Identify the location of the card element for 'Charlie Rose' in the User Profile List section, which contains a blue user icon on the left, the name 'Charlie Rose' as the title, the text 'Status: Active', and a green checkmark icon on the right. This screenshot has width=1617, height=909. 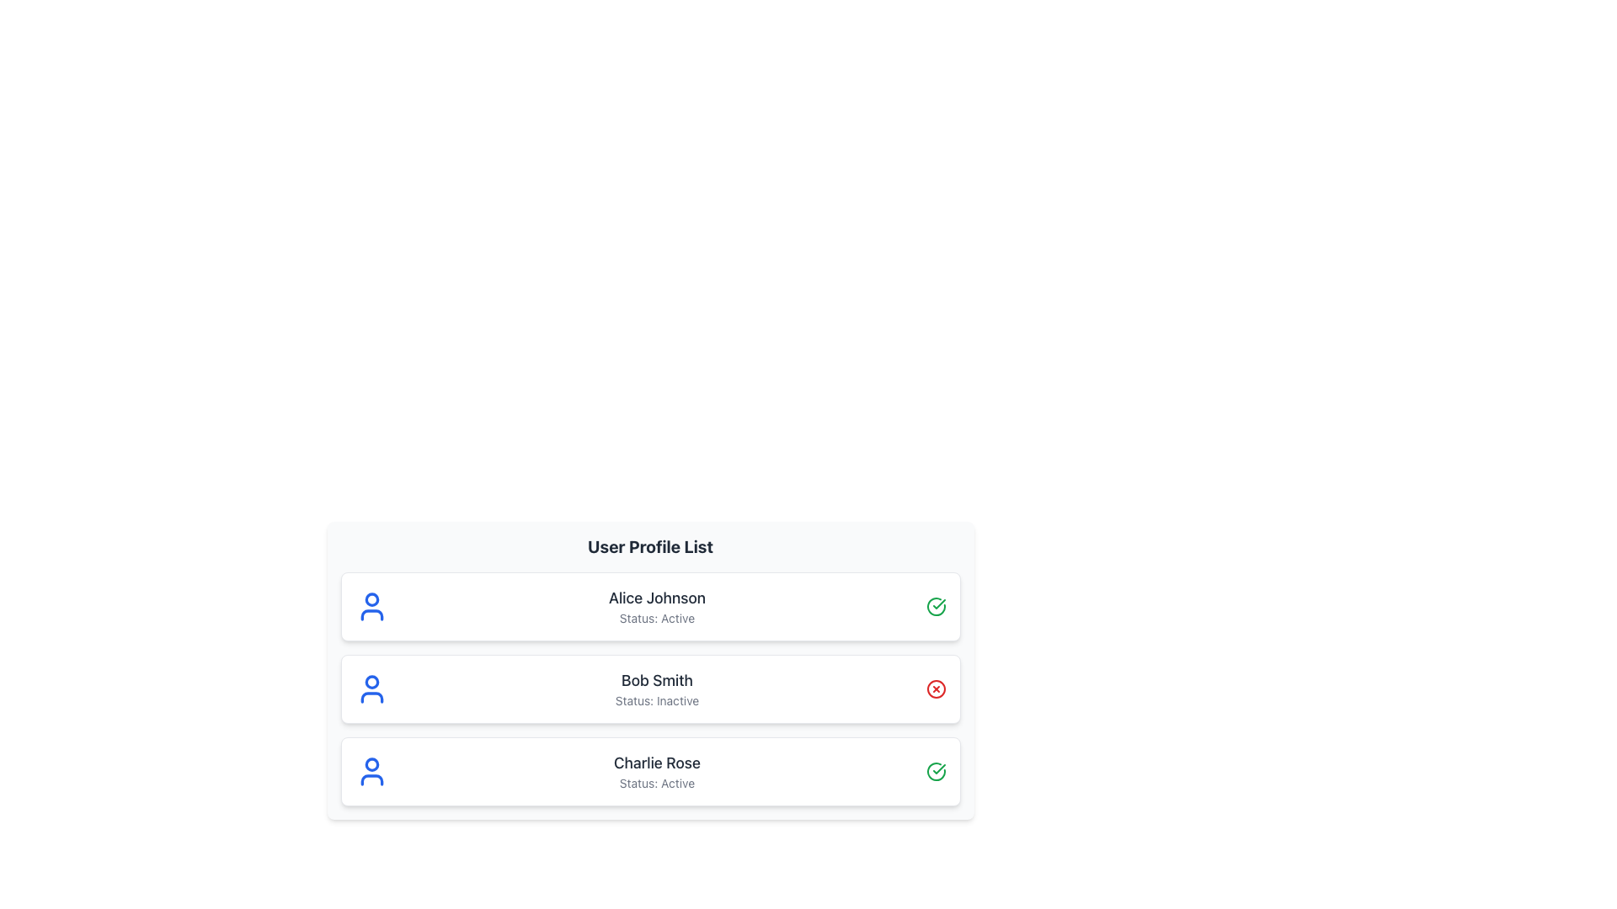
(649, 772).